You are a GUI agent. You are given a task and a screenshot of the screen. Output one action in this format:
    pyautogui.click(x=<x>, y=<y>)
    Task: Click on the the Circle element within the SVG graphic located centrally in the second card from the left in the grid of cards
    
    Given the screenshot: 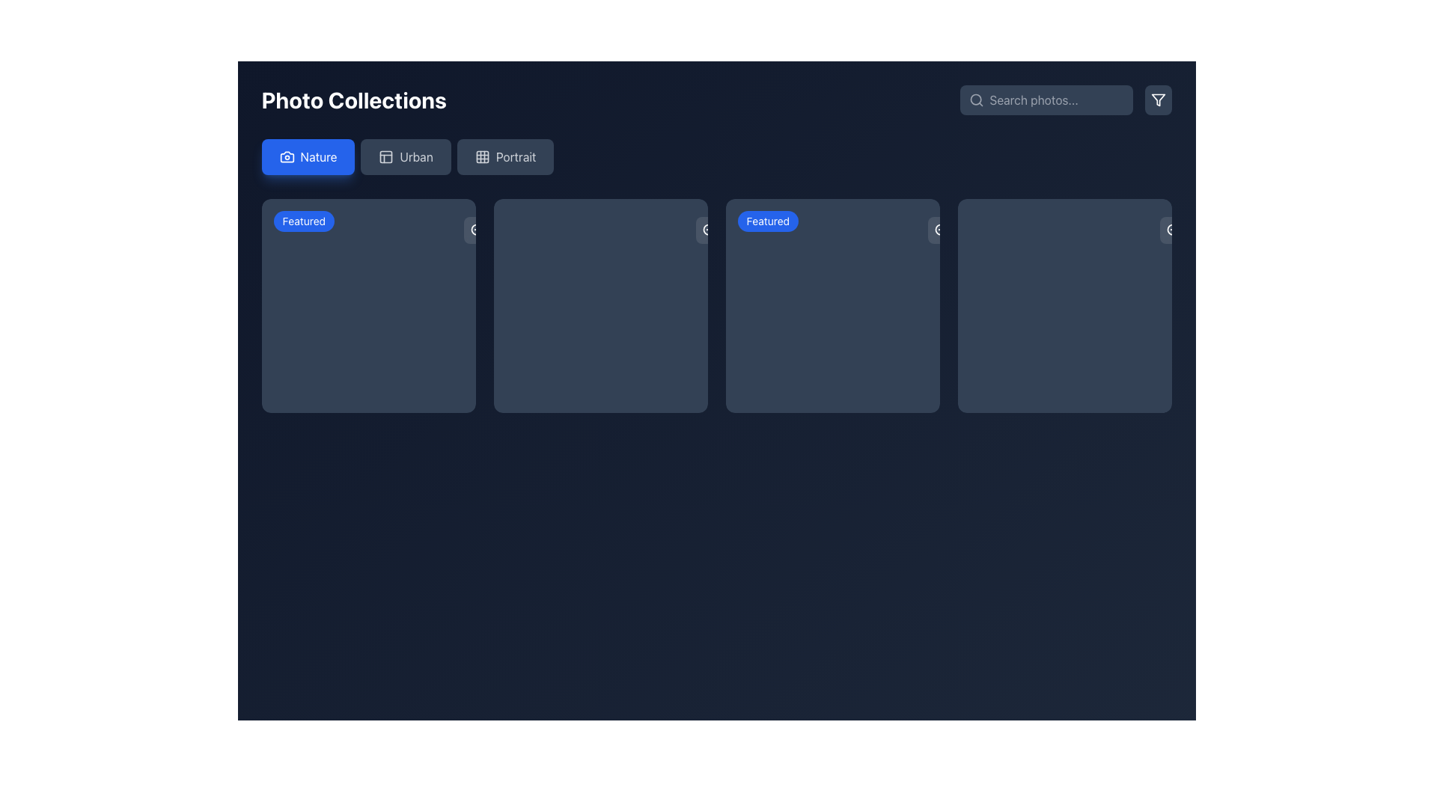 What is the action you would take?
    pyautogui.click(x=557, y=230)
    